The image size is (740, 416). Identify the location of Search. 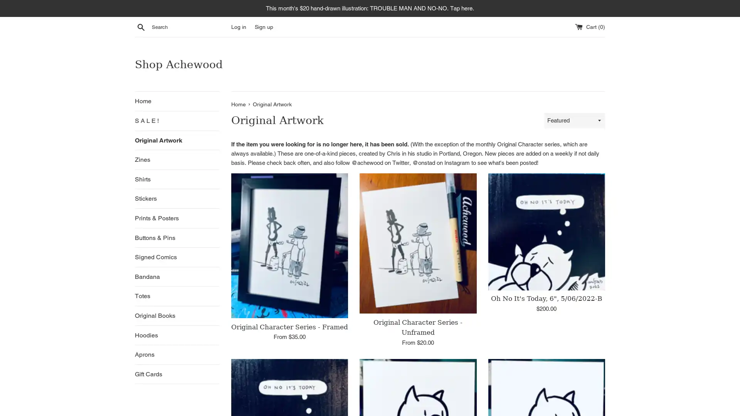
(141, 26).